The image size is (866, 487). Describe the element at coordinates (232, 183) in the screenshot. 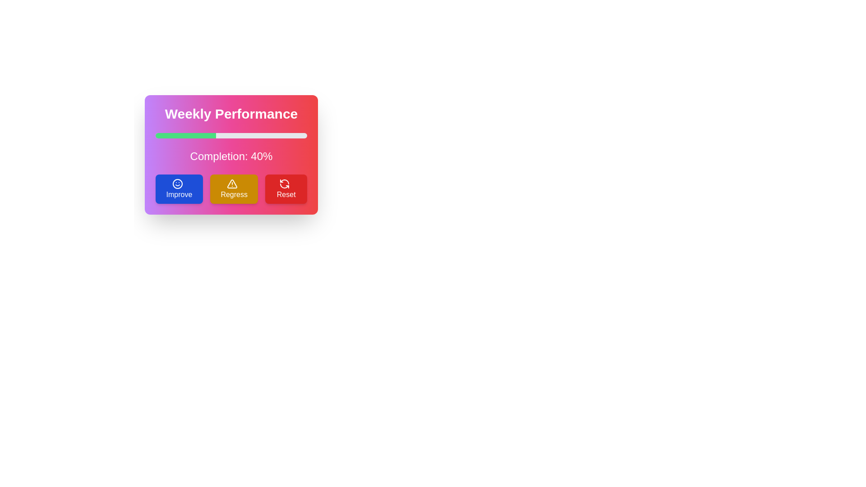

I see `the warning symbol icon, which is a yellow triangle outline with an exclamation mark, located on the 'Regress' button to the left of the text 'Regress'` at that location.